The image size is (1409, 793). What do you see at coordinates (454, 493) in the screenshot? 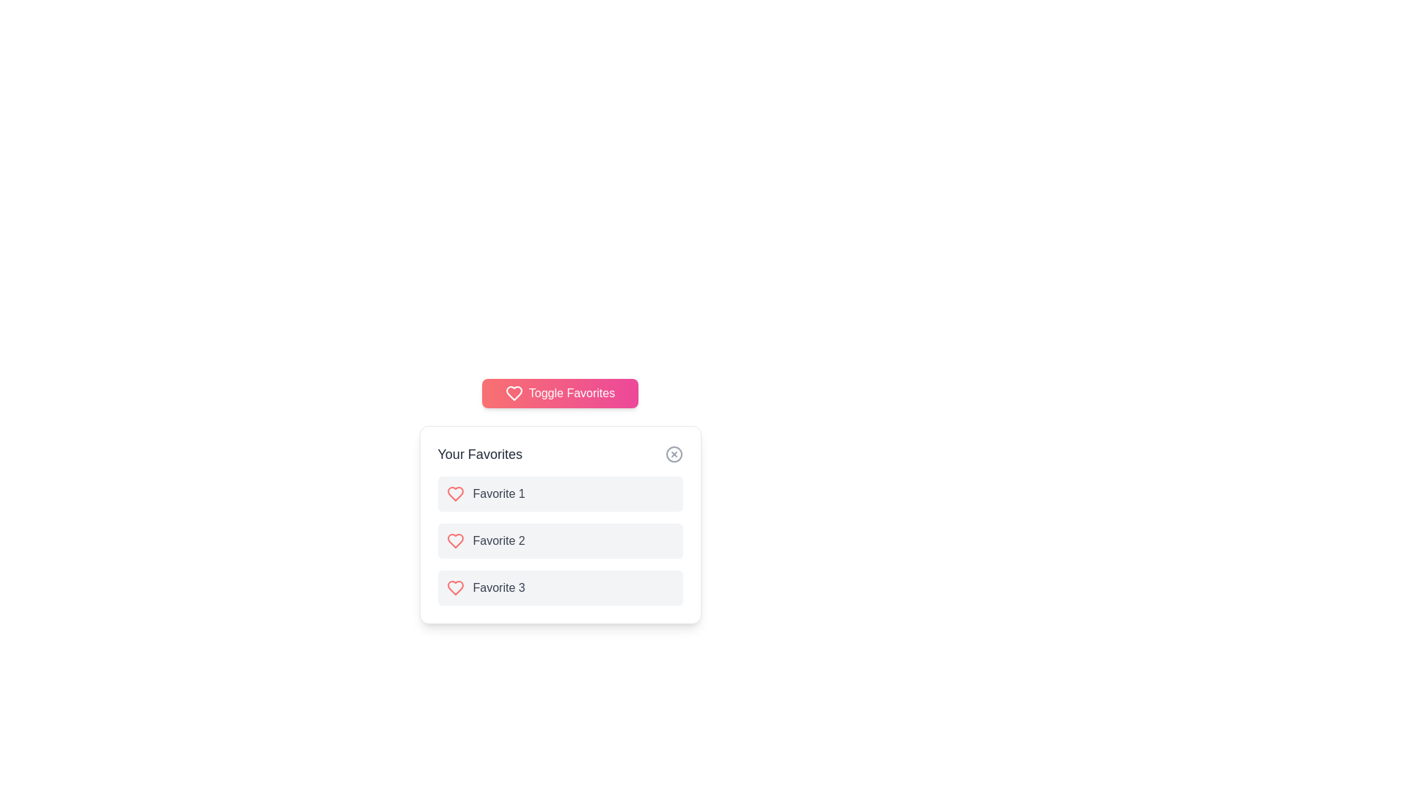
I see `the heart icon representing the favorite action for 'Favorite 1'` at bounding box center [454, 493].